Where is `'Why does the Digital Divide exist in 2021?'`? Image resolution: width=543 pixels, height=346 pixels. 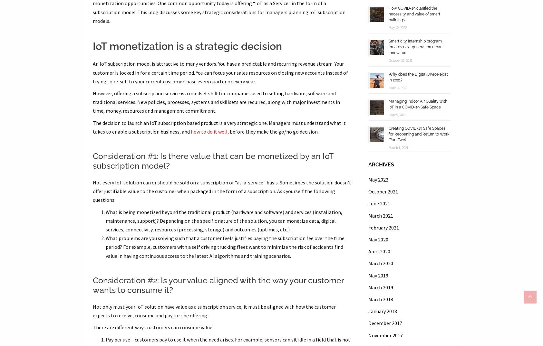 'Why does the Digital Divide exist in 2021?' is located at coordinates (418, 76).